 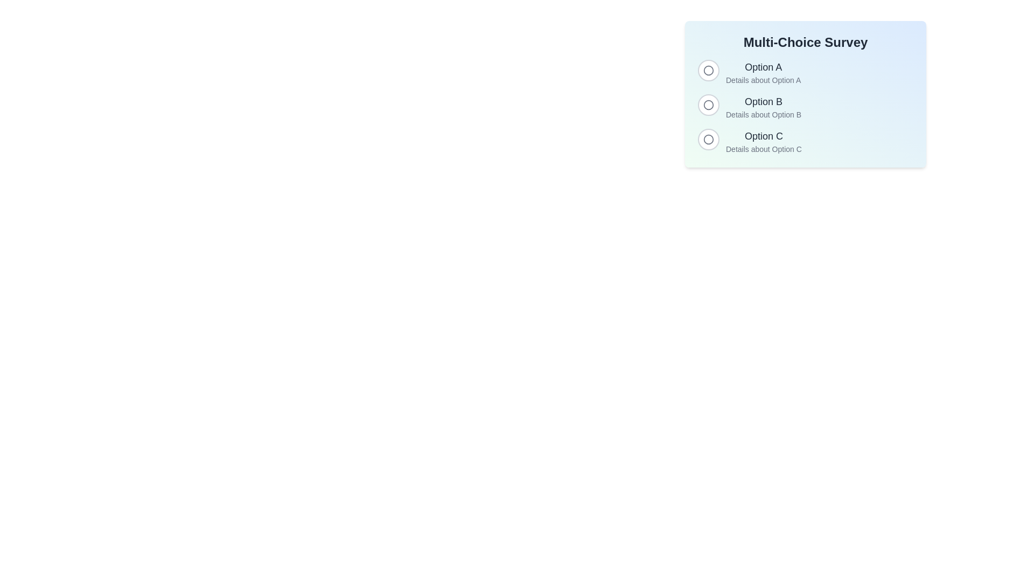 I want to click on the circular radio button marker adjacent to 'Option C', so click(x=708, y=138).